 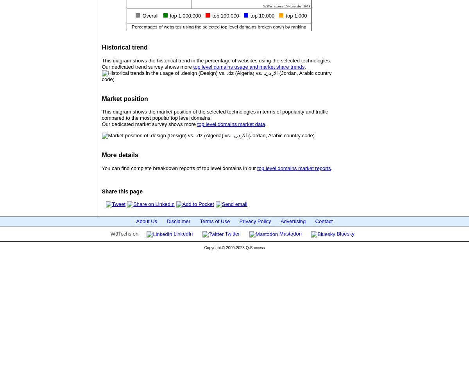 What do you see at coordinates (147, 220) in the screenshot?
I see `'About Us'` at bounding box center [147, 220].